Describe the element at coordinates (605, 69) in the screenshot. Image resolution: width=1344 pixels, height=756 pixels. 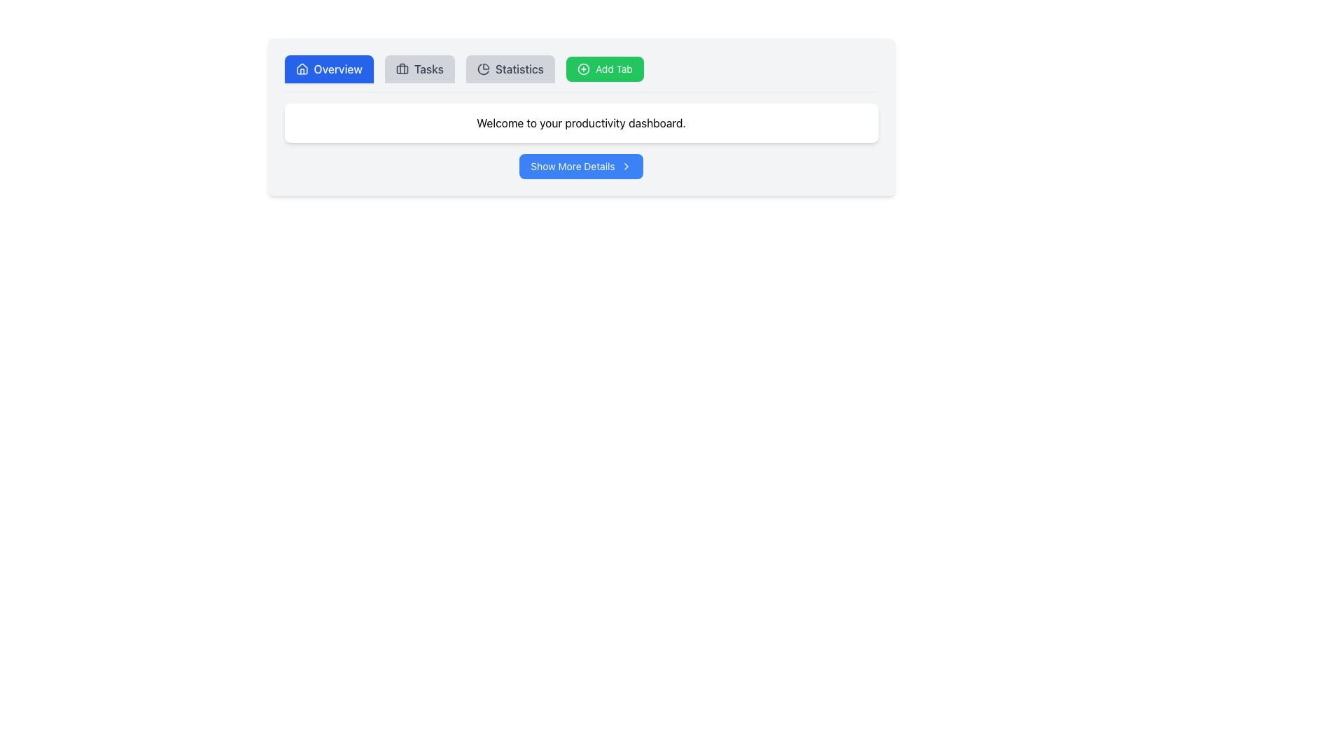
I see `the 'Add New Tab' button` at that location.